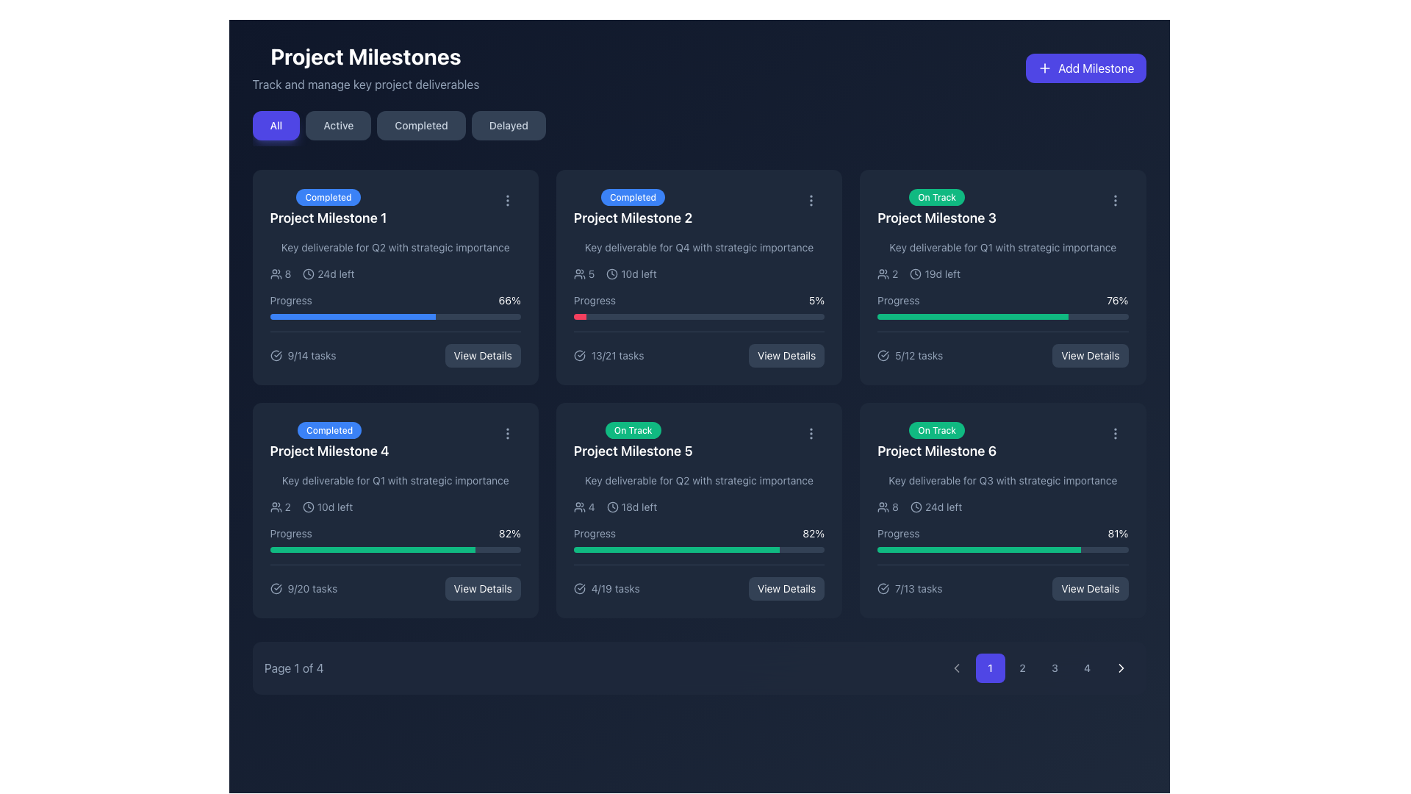 This screenshot has width=1411, height=794. What do you see at coordinates (786, 588) in the screenshot?
I see `the 'View Details' button located in the bottom-right corner of the 'Project Milestone 5' card` at bounding box center [786, 588].